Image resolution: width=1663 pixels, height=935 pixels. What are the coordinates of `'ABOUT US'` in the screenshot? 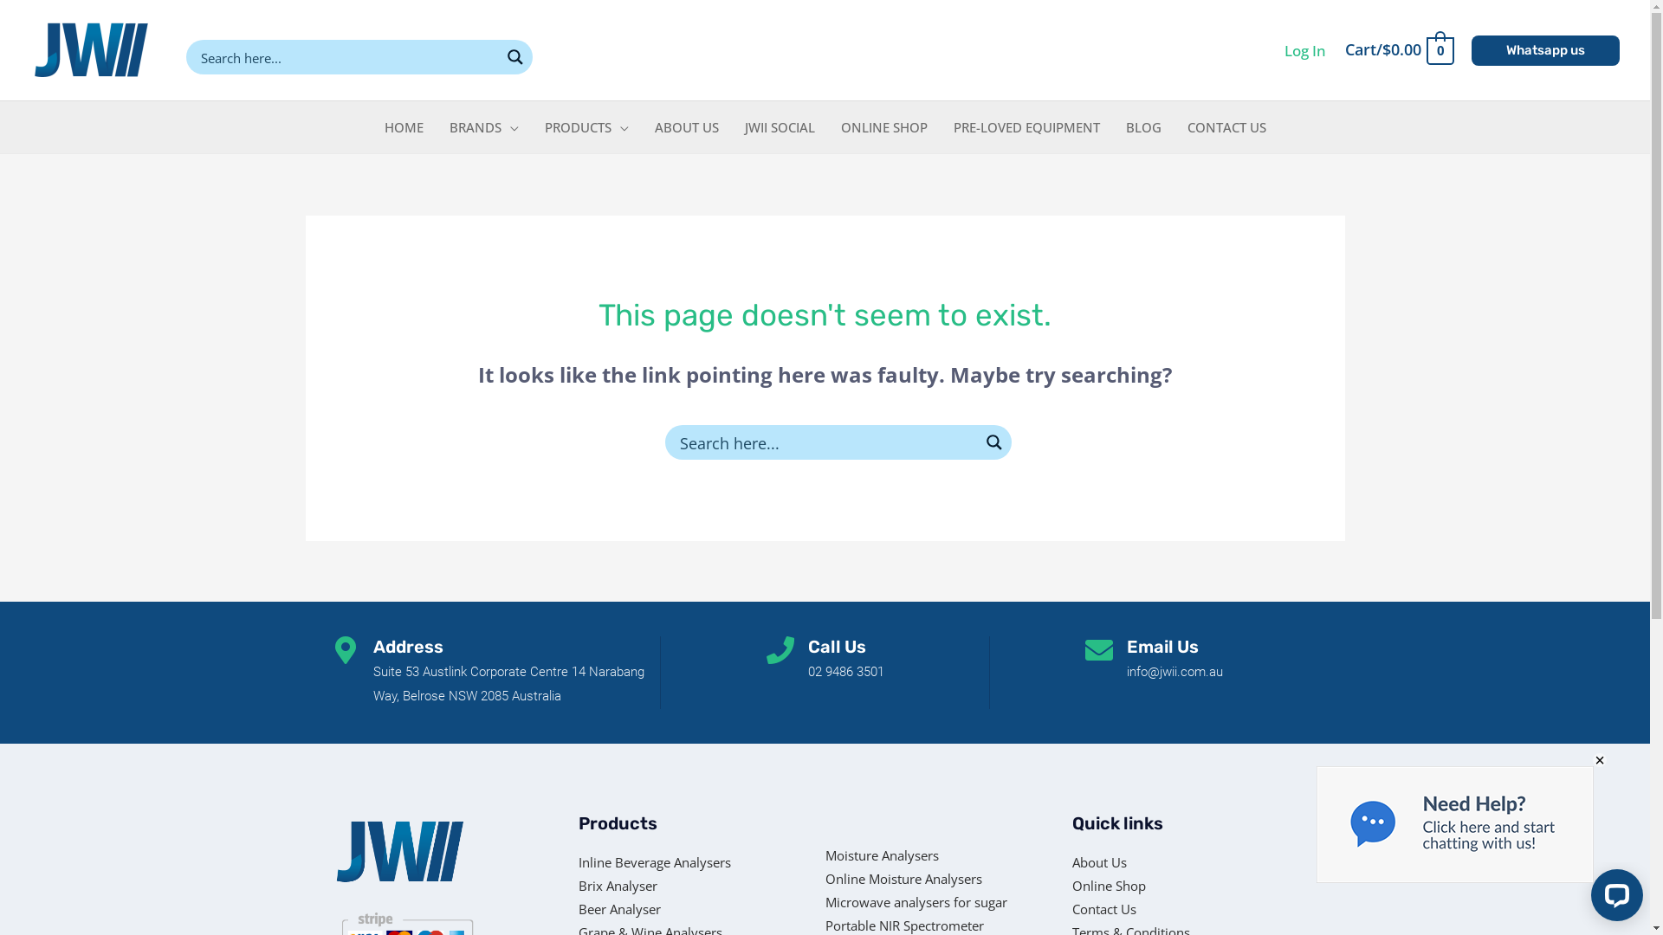 It's located at (639, 126).